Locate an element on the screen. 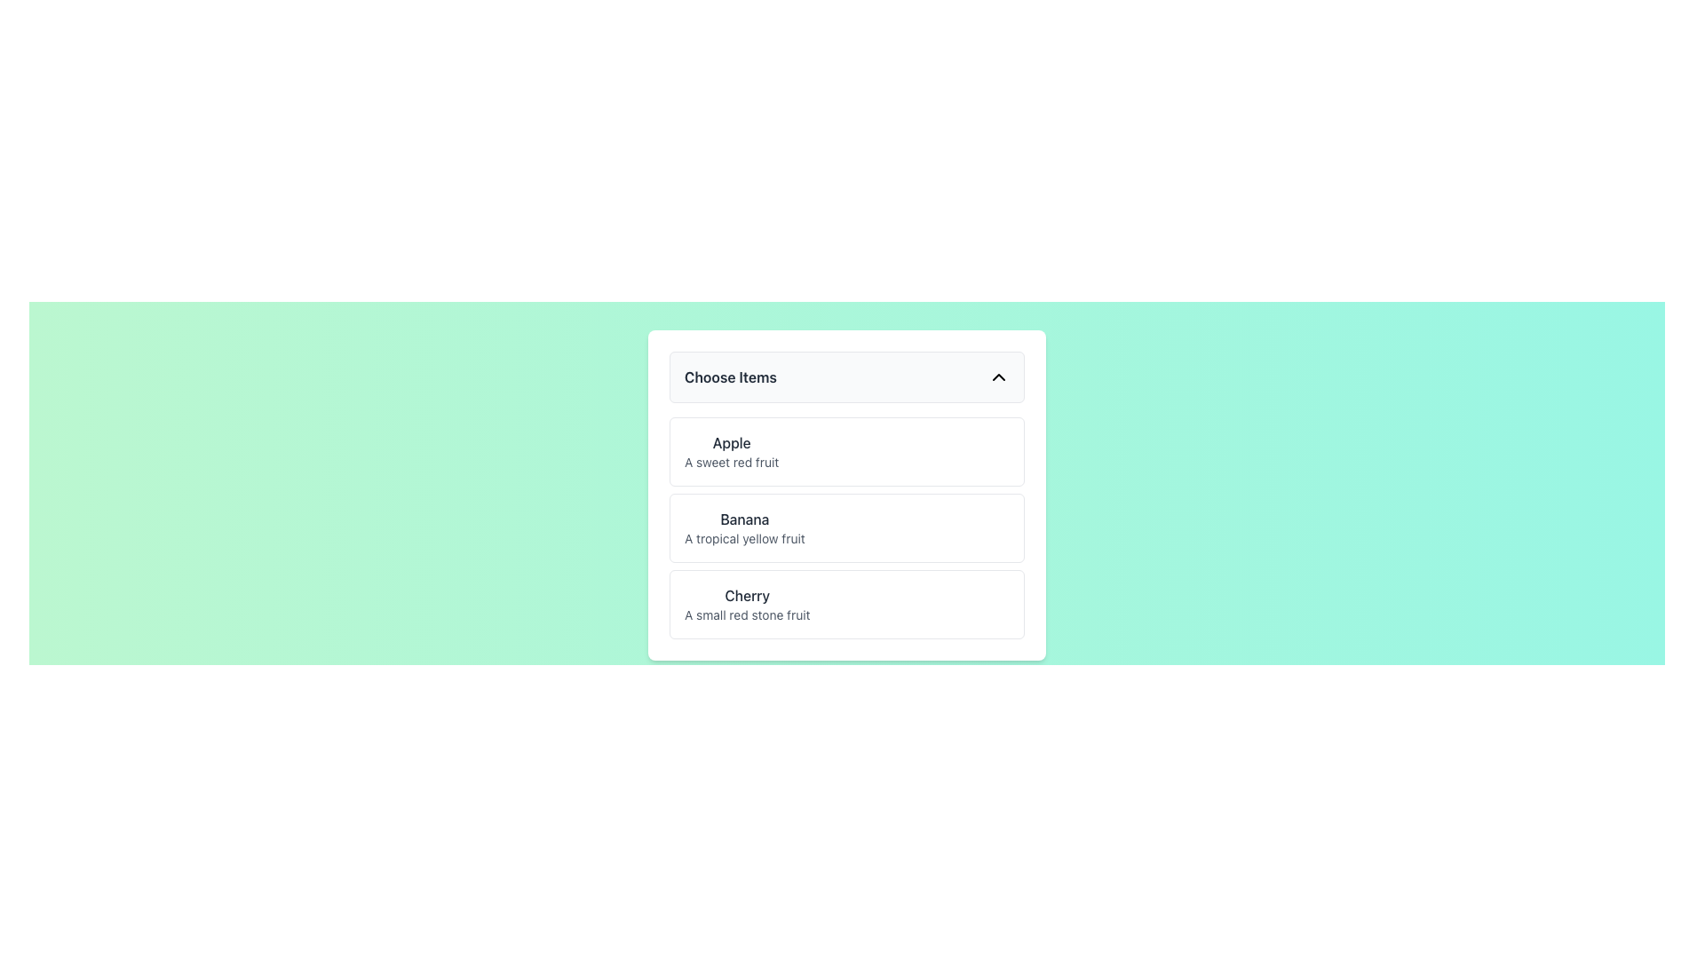 The height and width of the screenshot is (959, 1705). the Text Display element that shows information about the fruit 'Cherry', which is the third item in a vertical stack below 'Apple' and 'Banana' is located at coordinates (747, 604).